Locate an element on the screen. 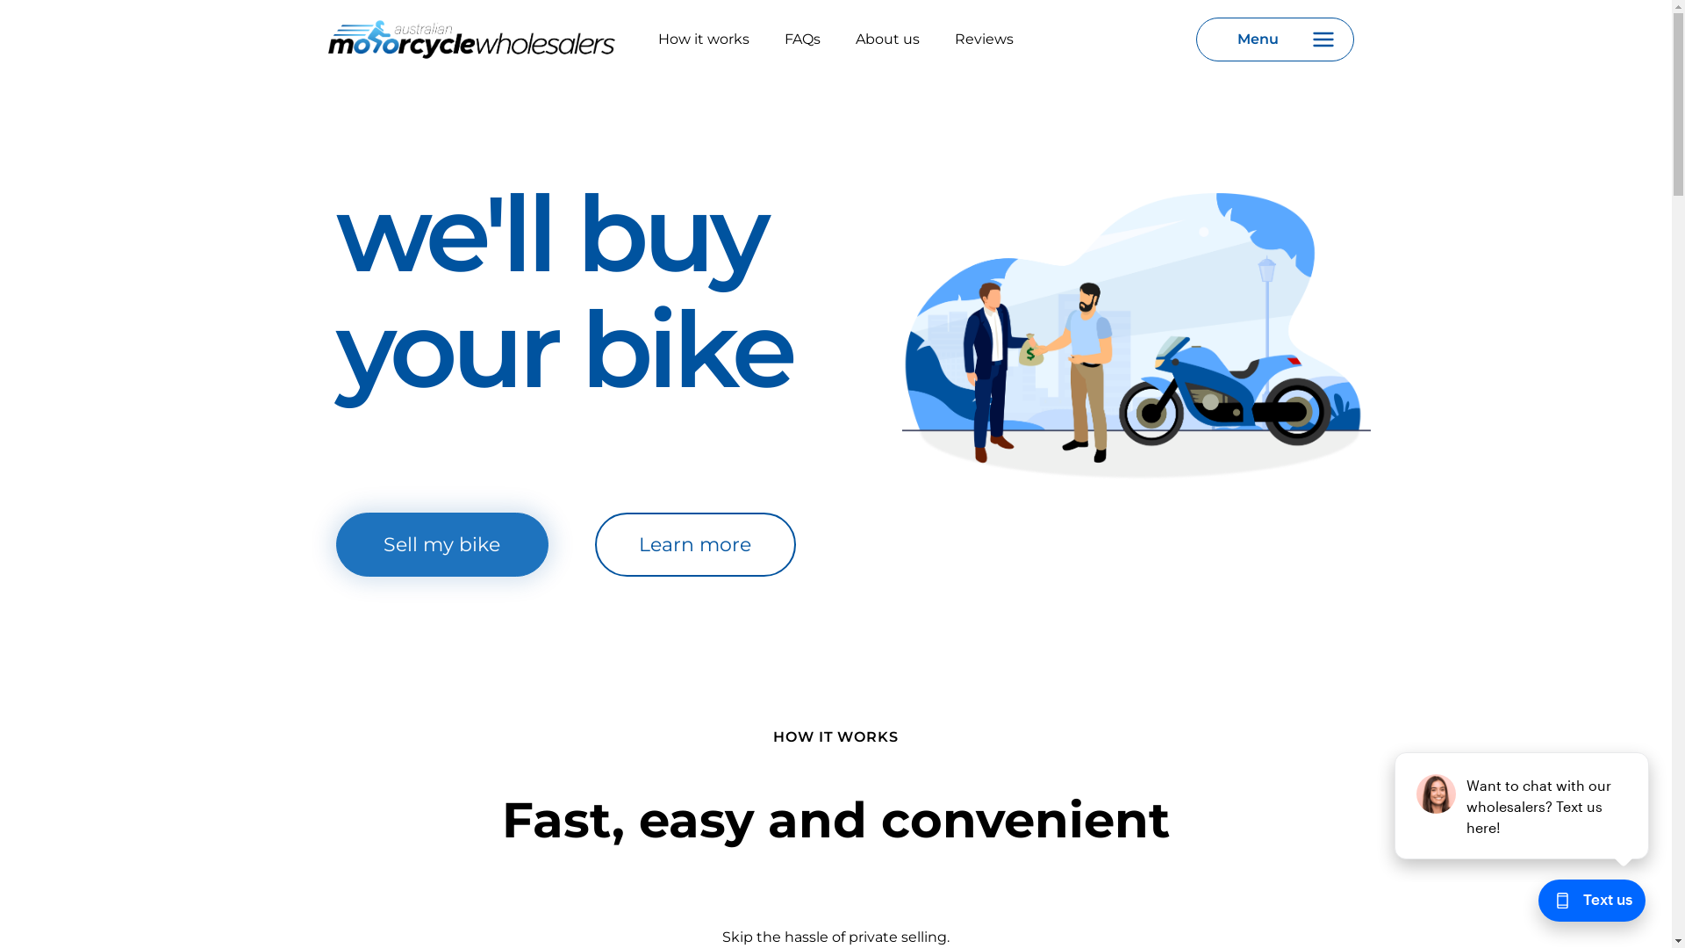 This screenshot has width=1685, height=948. 'Menu' is located at coordinates (1273, 39).